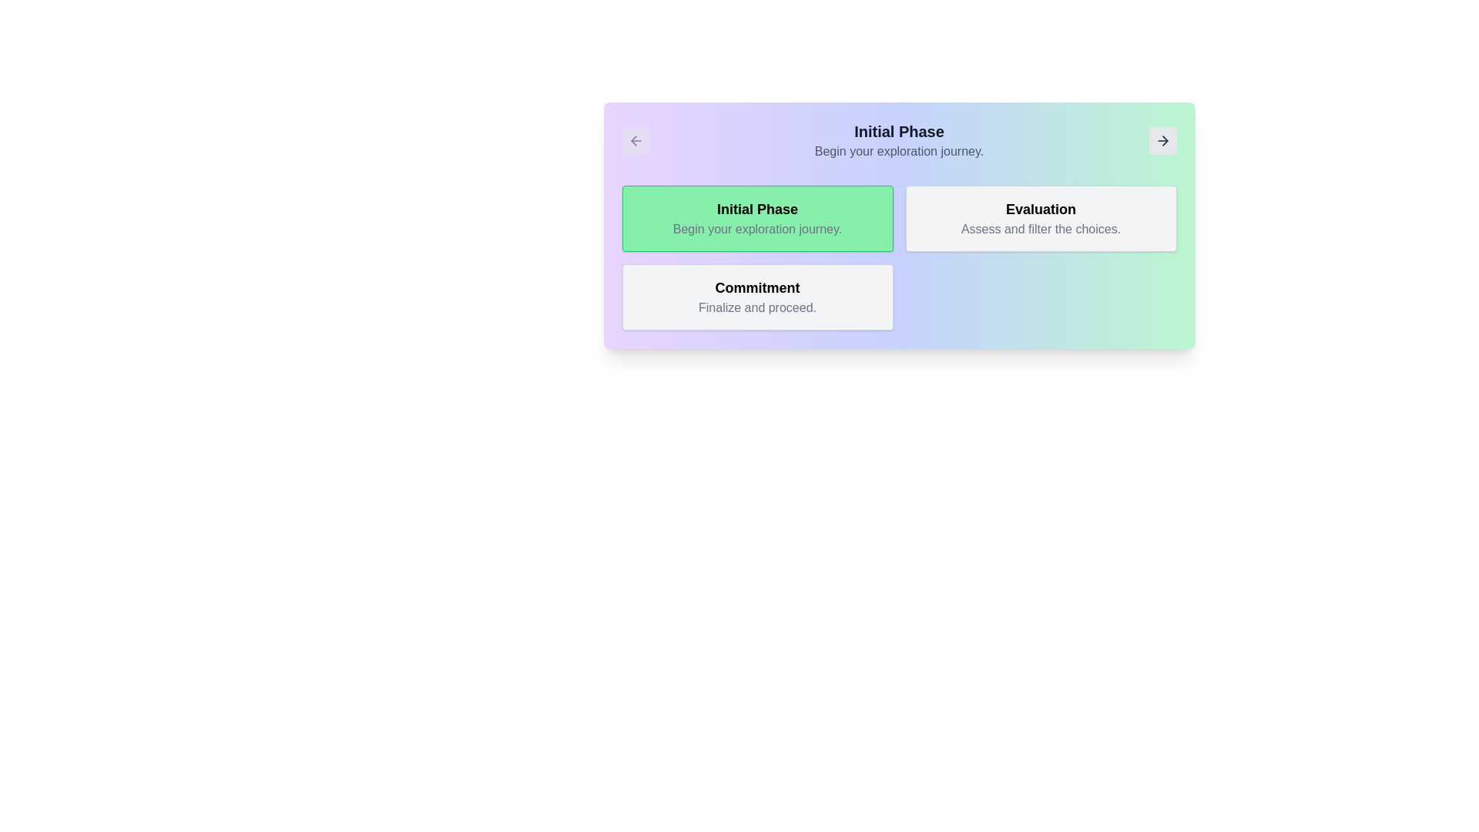 This screenshot has width=1479, height=832. What do you see at coordinates (899, 140) in the screenshot?
I see `text content from the header displaying 'Initial Phase' and the subtitle 'Begin your exploration journey', which is centered within the interface` at bounding box center [899, 140].